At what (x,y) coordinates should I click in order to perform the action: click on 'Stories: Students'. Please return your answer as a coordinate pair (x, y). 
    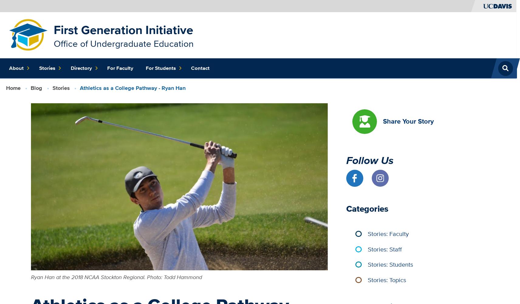
    Looking at the image, I should click on (368, 264).